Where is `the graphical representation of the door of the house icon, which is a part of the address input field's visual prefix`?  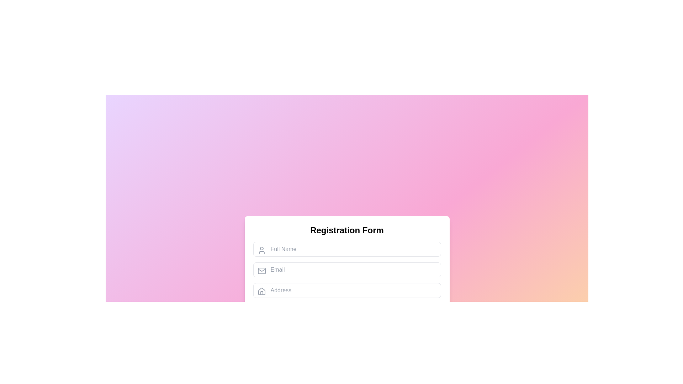
the graphical representation of the door of the house icon, which is a part of the address input field's visual prefix is located at coordinates (261, 293).